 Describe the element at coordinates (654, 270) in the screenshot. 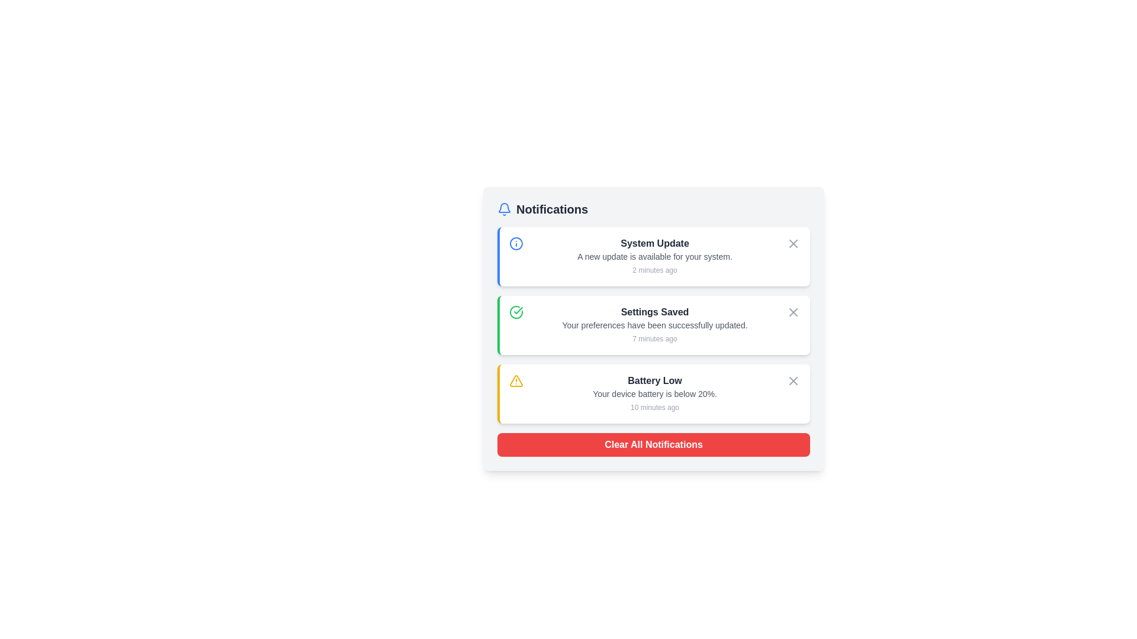

I see `small gray text displaying '2 minutes ago' located in the notification card below the message 'A new update is available for your system.'` at that location.